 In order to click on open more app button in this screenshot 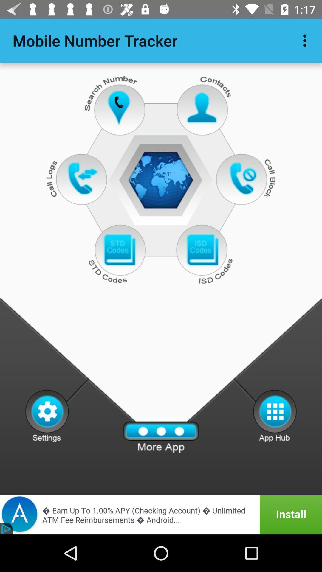, I will do `click(161, 437)`.